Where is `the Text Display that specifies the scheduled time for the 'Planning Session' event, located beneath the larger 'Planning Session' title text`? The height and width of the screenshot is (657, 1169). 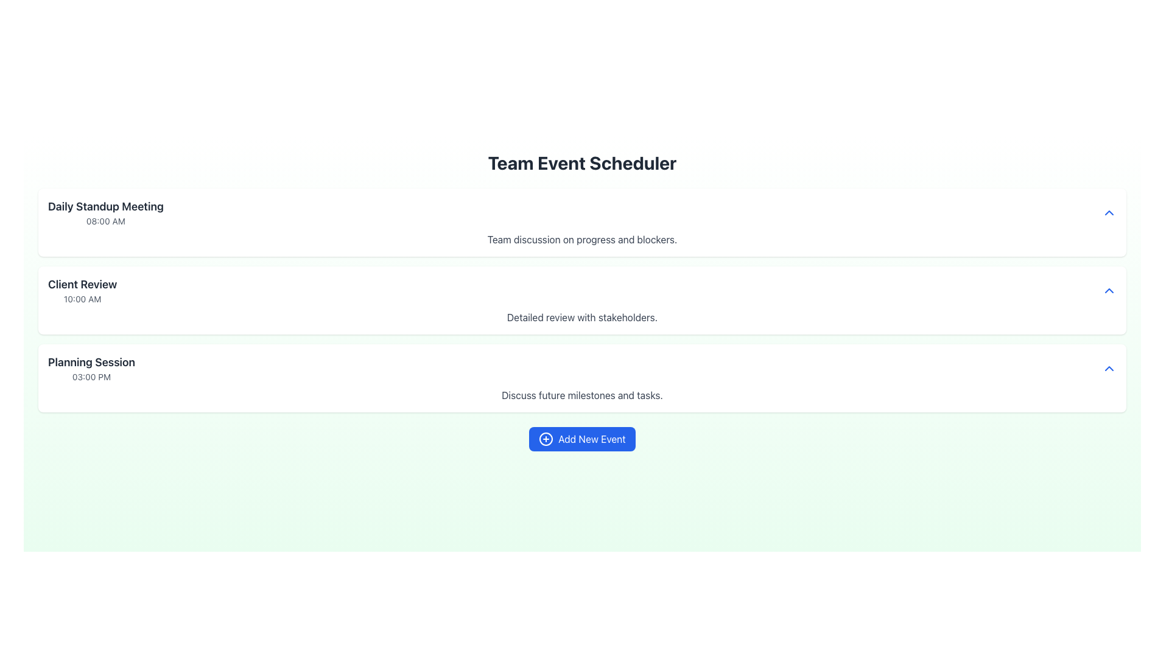 the Text Display that specifies the scheduled time for the 'Planning Session' event, located beneath the larger 'Planning Session' title text is located at coordinates (91, 377).